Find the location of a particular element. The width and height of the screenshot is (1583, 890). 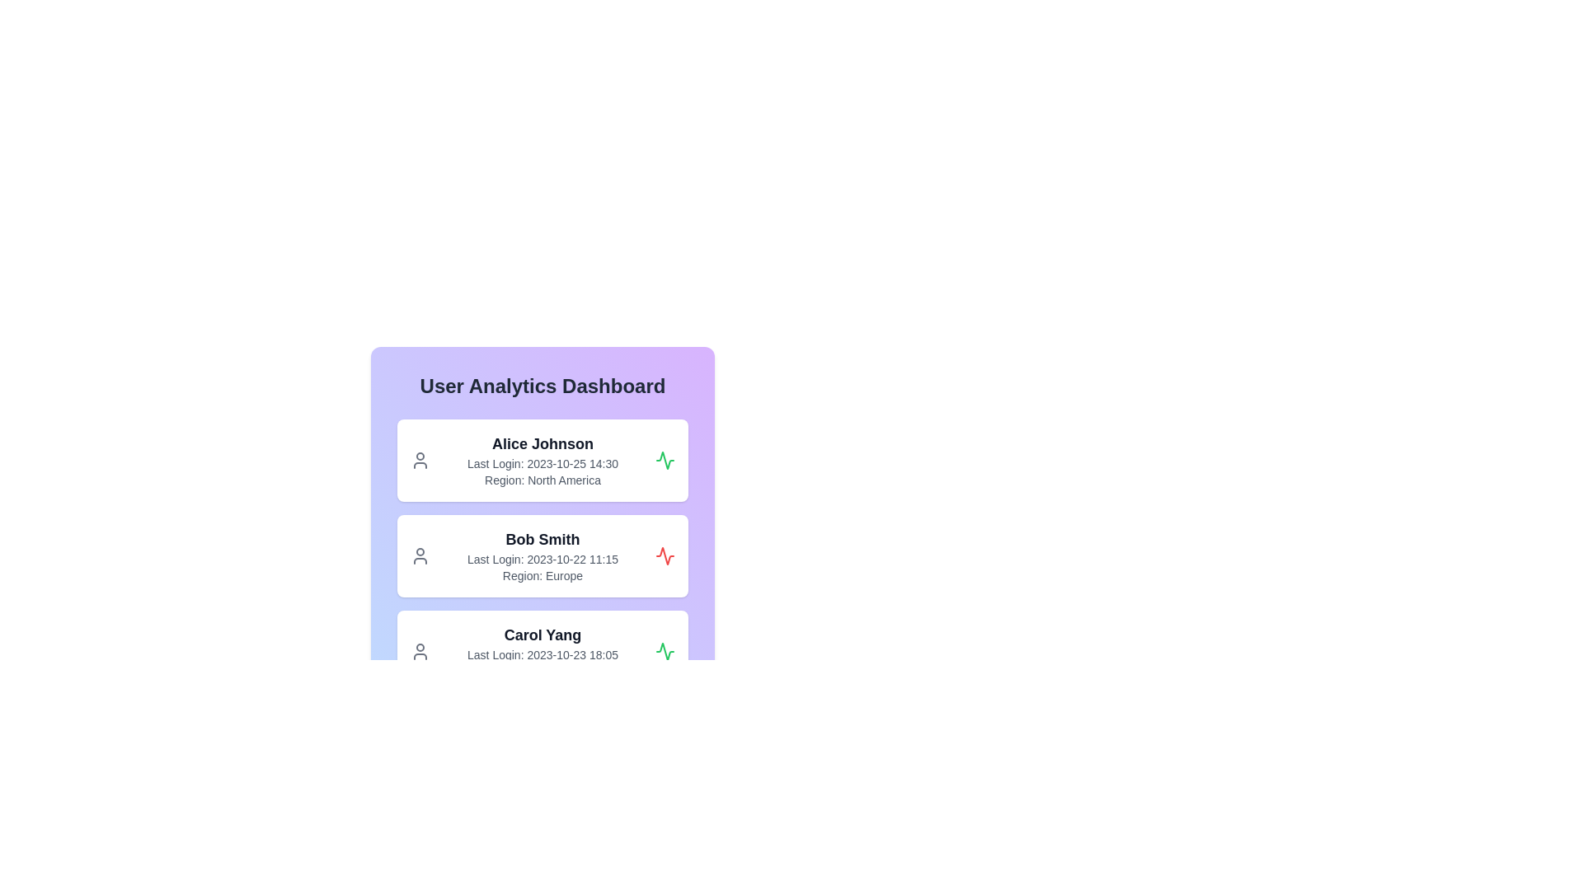

displayed information in the text-based informational display component of the user card, which is positioned below 'Alice Johnson's card and above 'Carol Yang's card' in the User Analytics Dashboard is located at coordinates (543, 556).